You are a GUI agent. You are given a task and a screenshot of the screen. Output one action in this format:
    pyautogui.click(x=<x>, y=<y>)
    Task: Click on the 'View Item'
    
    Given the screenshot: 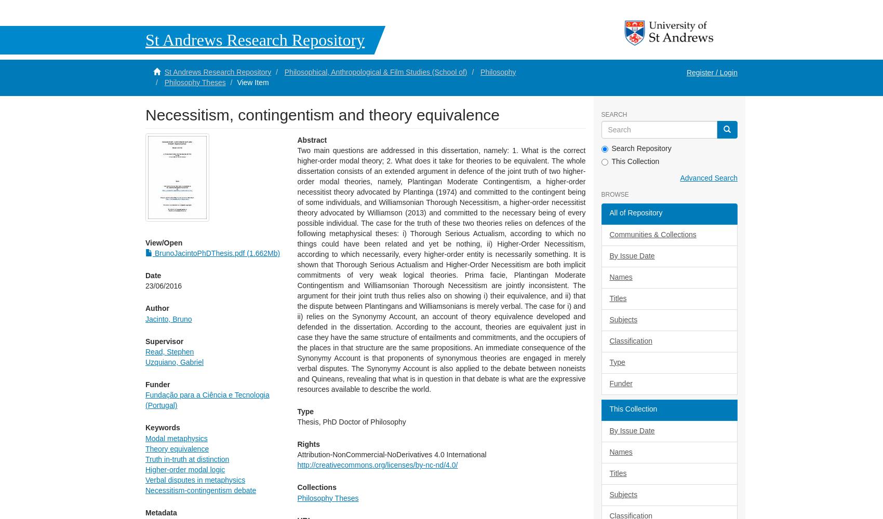 What is the action you would take?
    pyautogui.click(x=252, y=82)
    